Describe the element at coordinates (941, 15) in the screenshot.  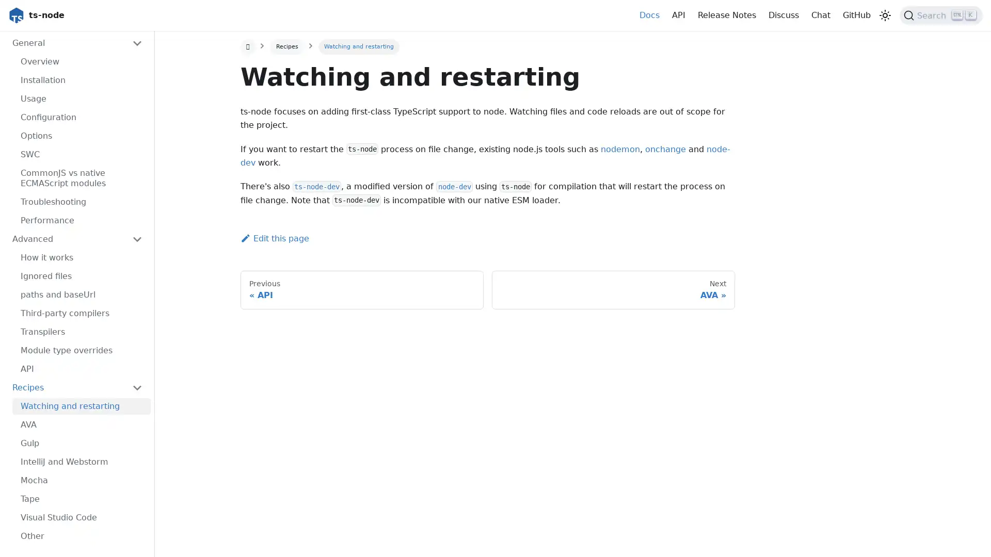
I see `Search` at that location.